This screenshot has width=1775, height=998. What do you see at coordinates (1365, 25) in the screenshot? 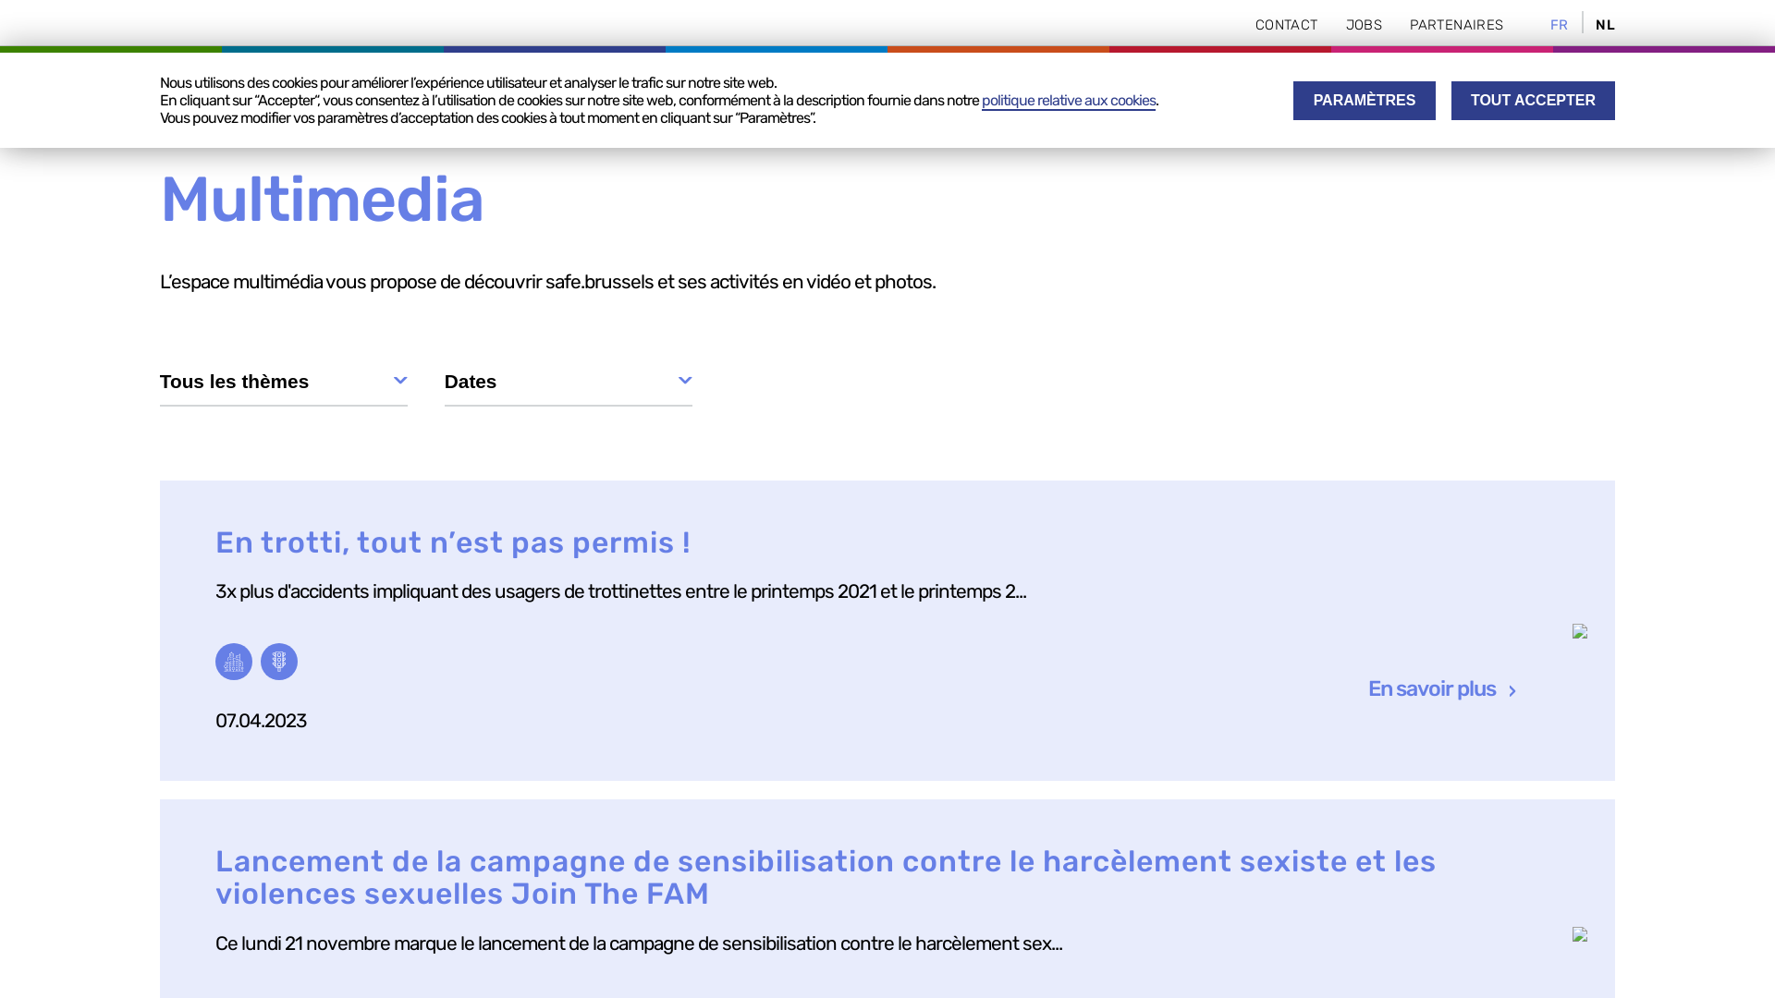
I see `'JOBS'` at bounding box center [1365, 25].